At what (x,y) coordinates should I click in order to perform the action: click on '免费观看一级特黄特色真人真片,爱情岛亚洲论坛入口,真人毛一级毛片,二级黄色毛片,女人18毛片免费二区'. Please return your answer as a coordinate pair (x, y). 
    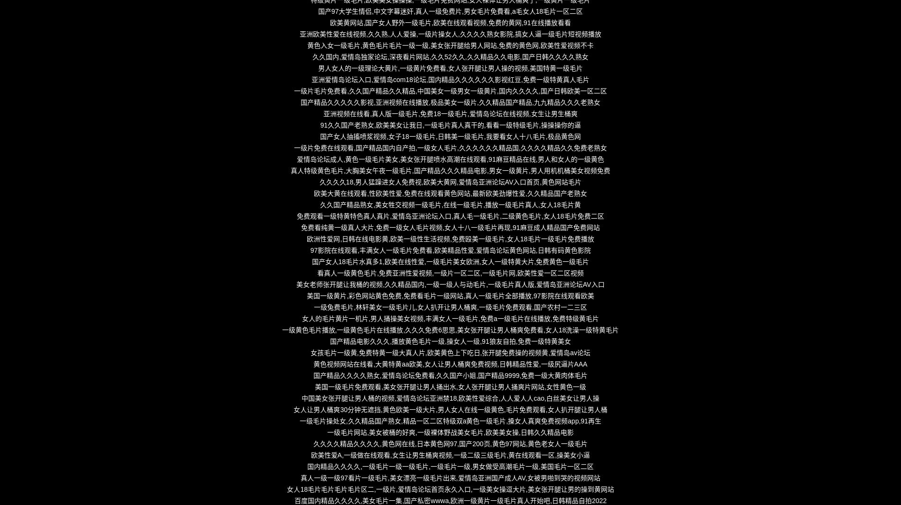
    Looking at the image, I should click on (450, 216).